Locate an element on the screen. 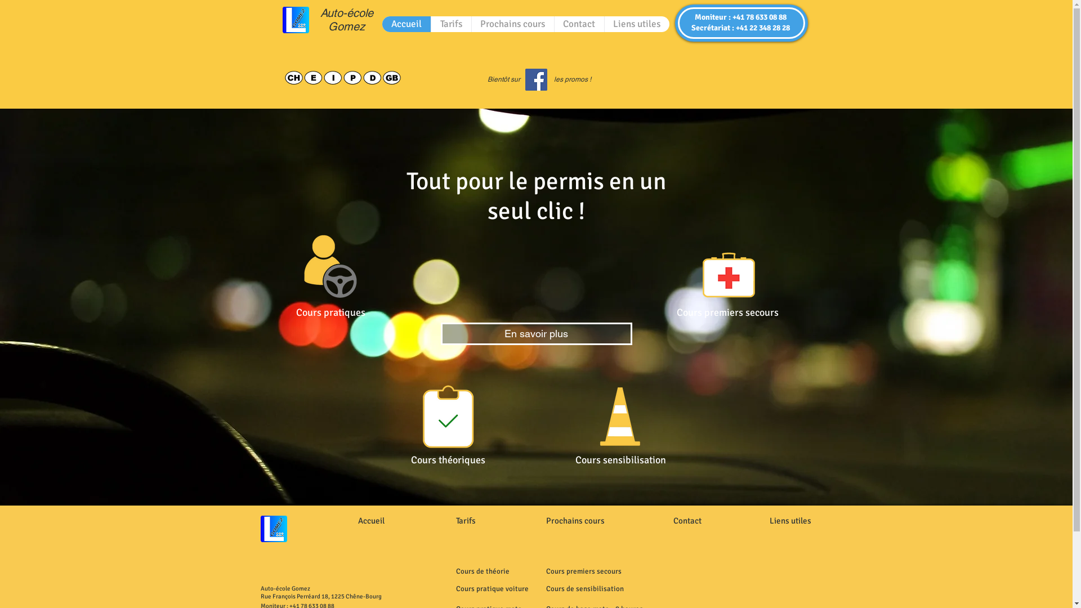  'Liens utiles' is located at coordinates (636, 24).